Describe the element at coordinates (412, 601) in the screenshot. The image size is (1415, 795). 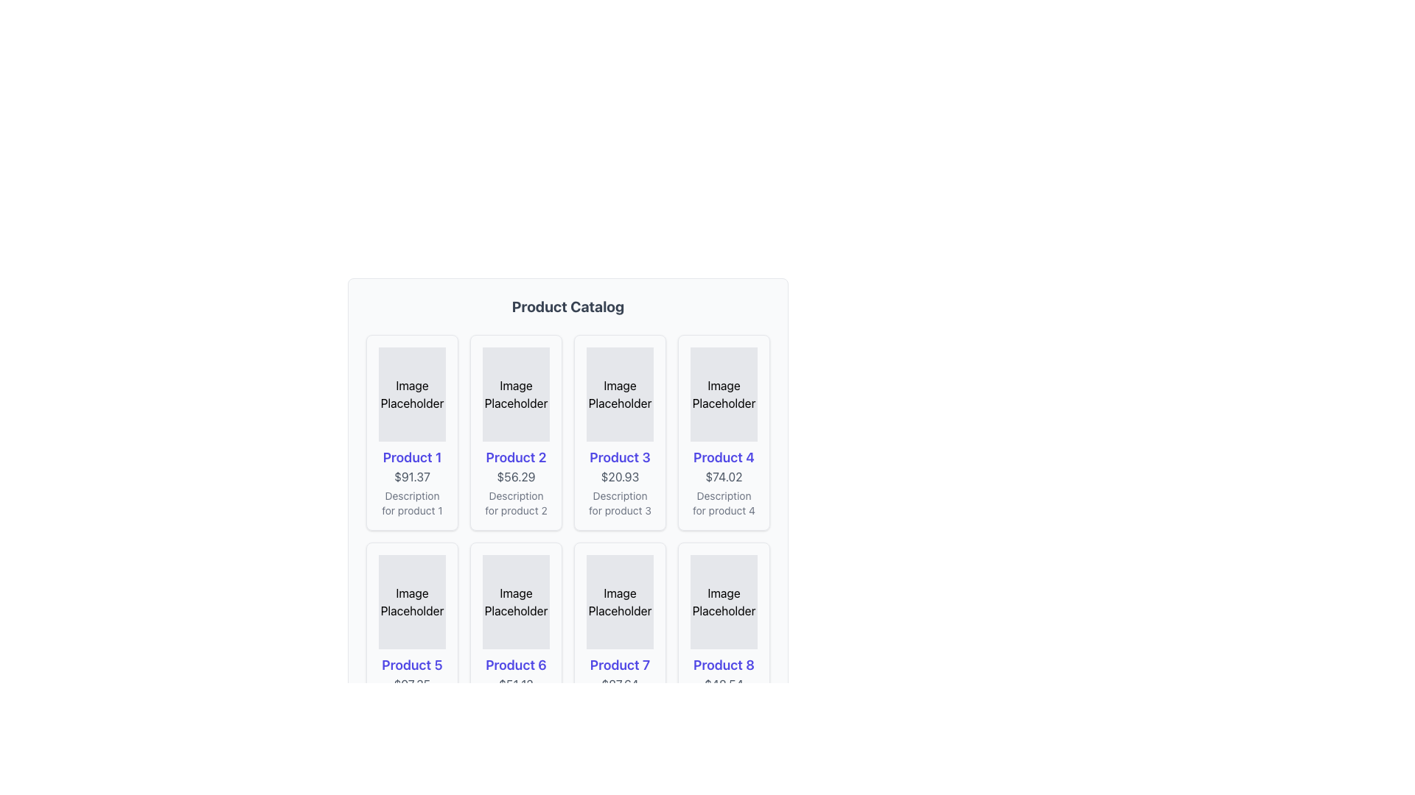
I see `the image placeholder located at the top of the fifth card in the 'Product Catalog' section, directly above the title 'Product 5'` at that location.